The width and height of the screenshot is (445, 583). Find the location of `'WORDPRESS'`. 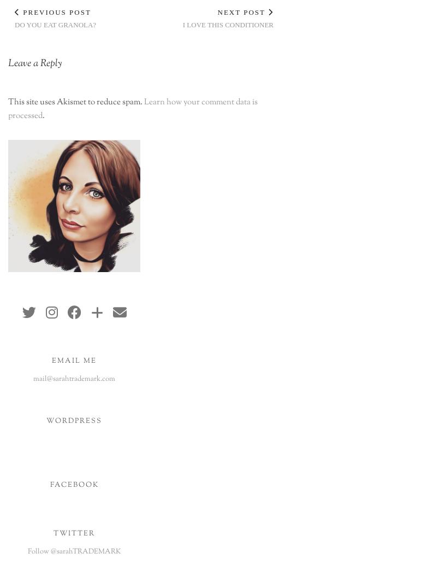

'WORDPRESS' is located at coordinates (74, 421).